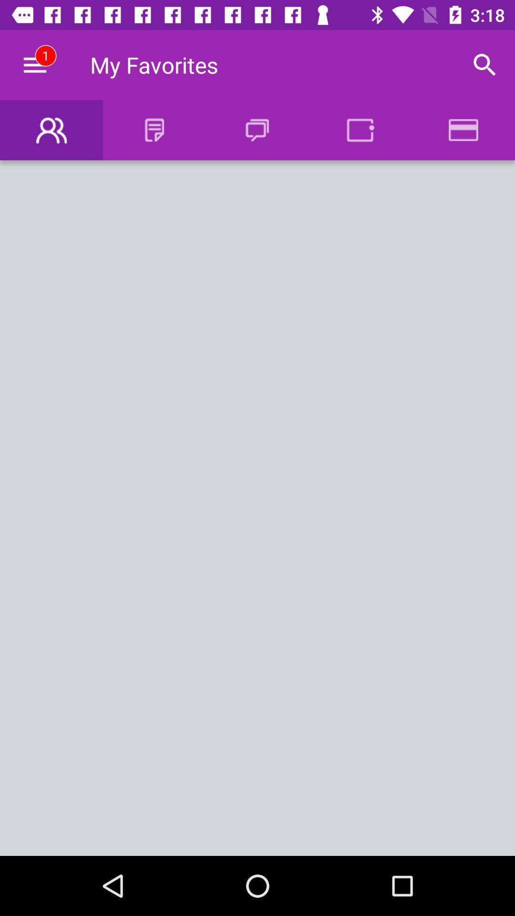 The width and height of the screenshot is (515, 916). What do you see at coordinates (34, 64) in the screenshot?
I see `the icon next to the my favorites` at bounding box center [34, 64].